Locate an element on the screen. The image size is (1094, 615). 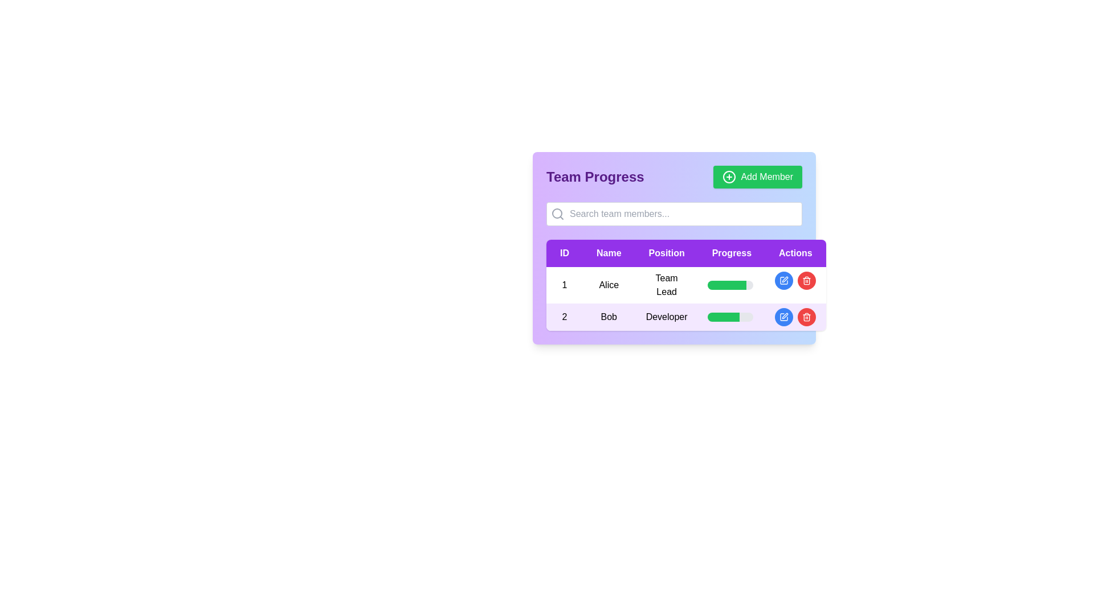
the SVG Icon in the second row under the 'Actions' column is located at coordinates (783, 281).